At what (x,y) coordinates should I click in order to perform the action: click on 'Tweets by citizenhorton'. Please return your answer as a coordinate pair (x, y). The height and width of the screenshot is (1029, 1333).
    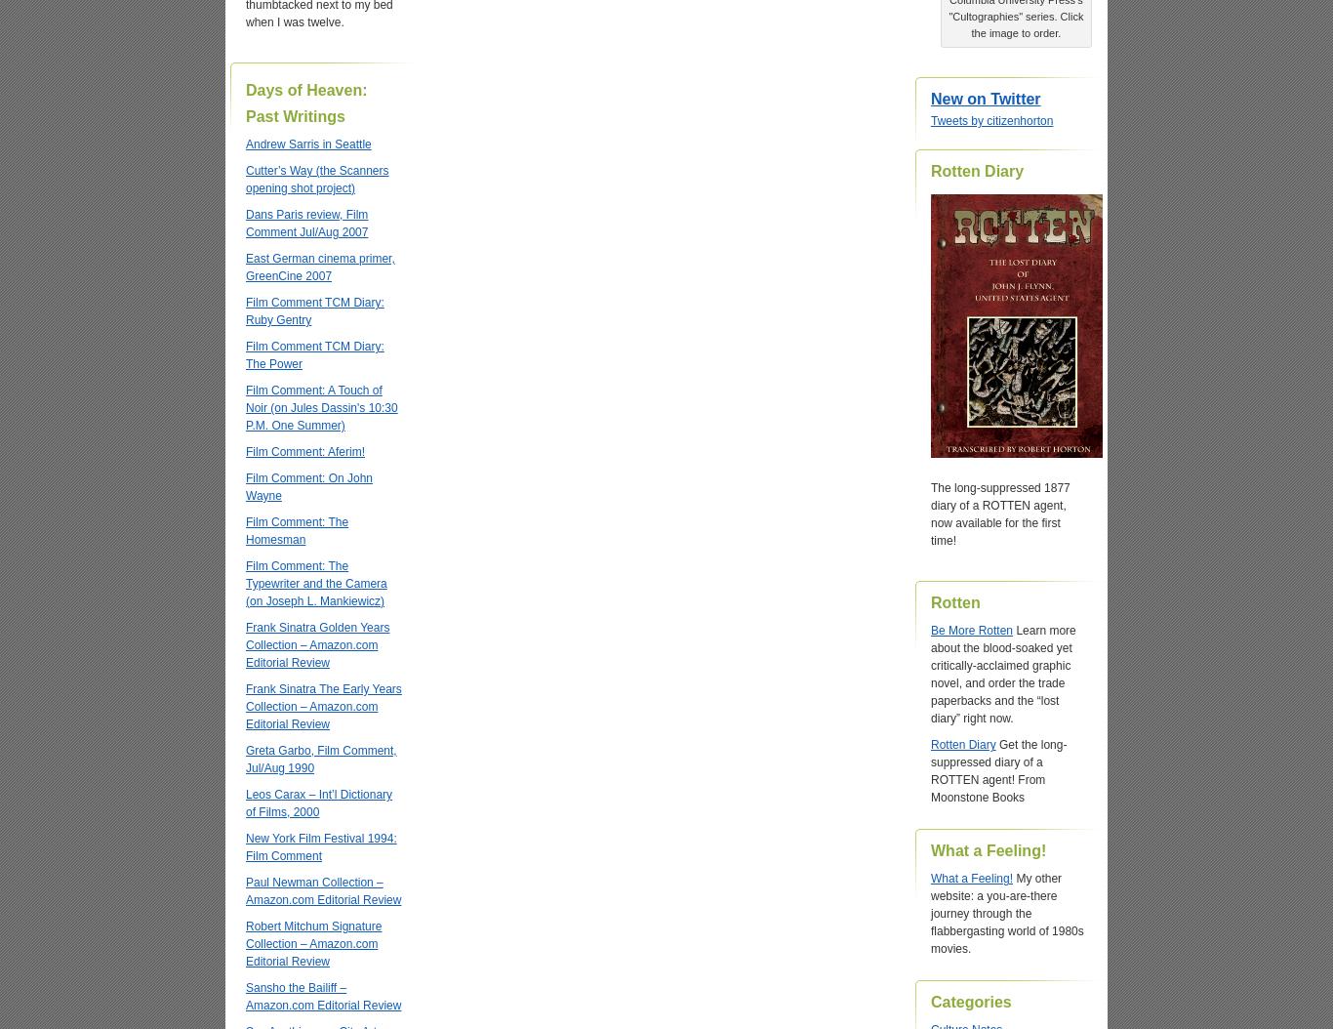
    Looking at the image, I should click on (931, 120).